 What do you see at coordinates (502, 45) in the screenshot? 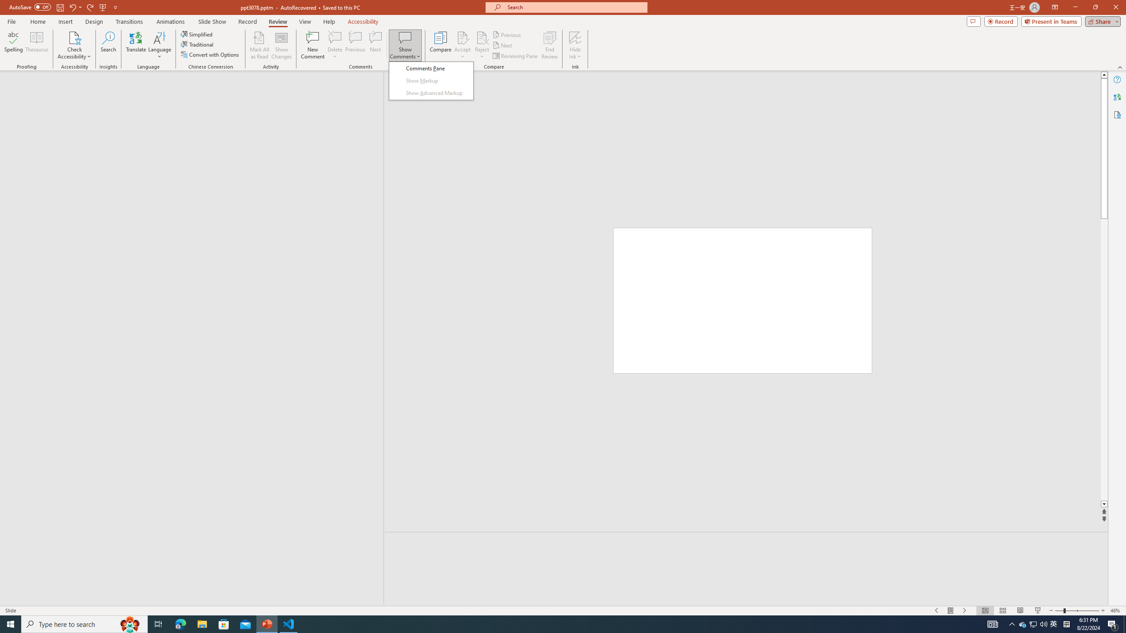
I see `'Next'` at bounding box center [502, 45].